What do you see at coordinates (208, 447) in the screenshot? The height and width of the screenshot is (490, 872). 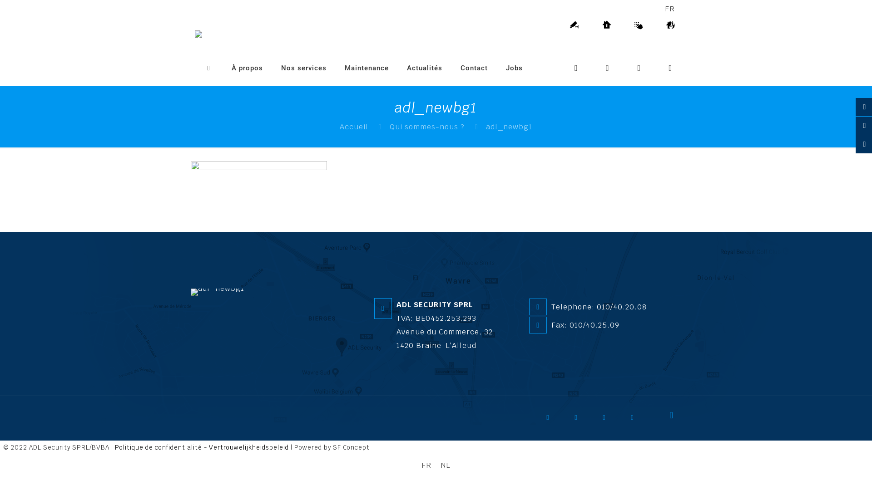 I see `'Vertrouwelijkheidsbeleid'` at bounding box center [208, 447].